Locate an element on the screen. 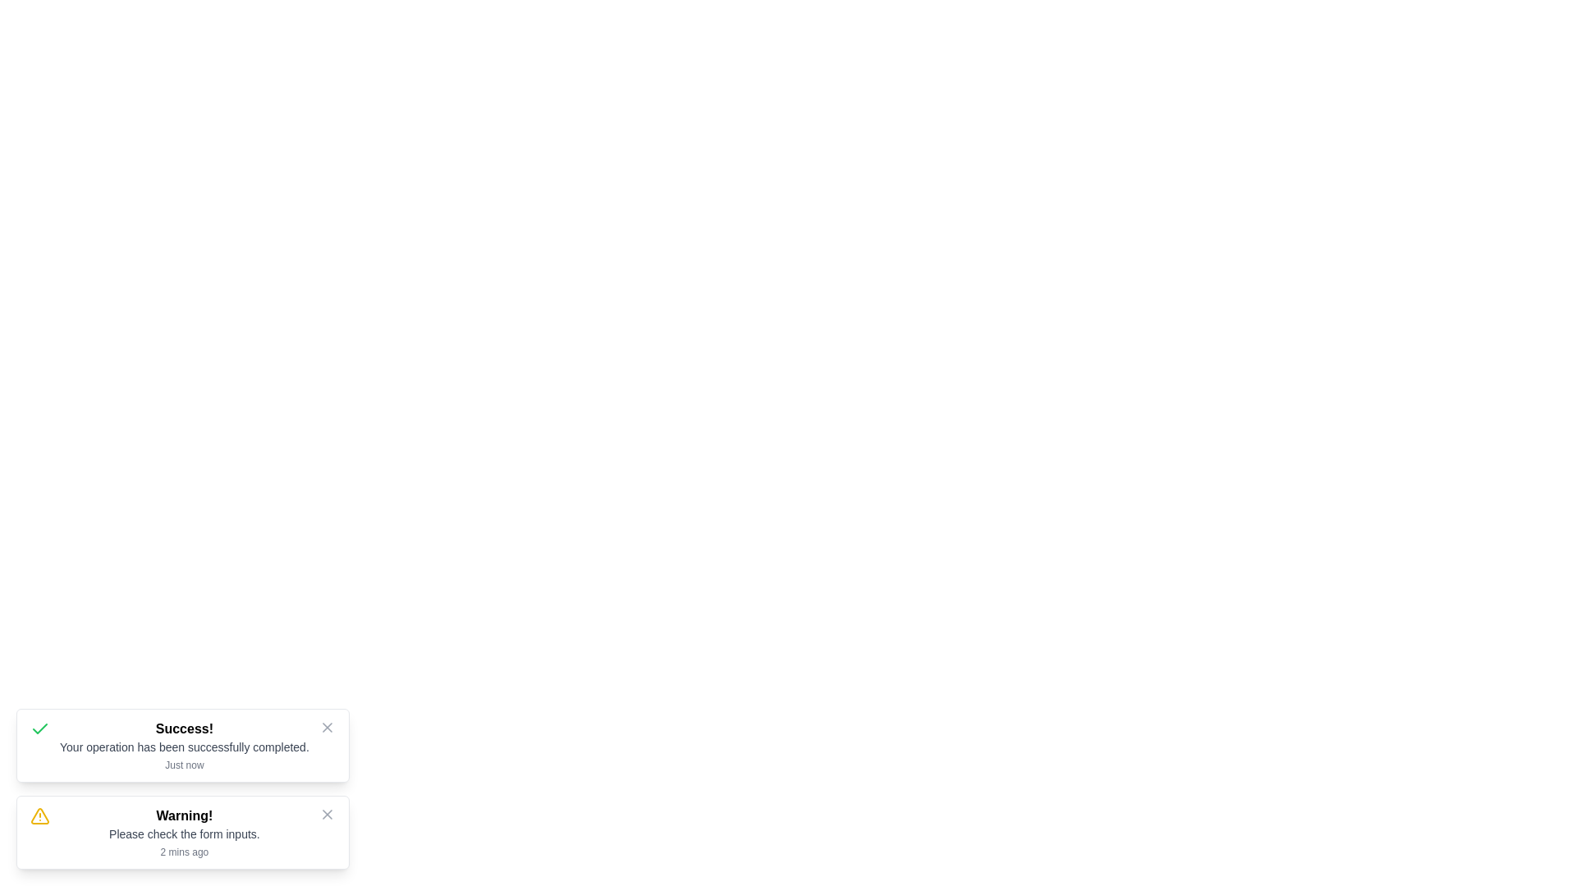 The width and height of the screenshot is (1576, 886). the notification area to highlight it is located at coordinates (181, 746).